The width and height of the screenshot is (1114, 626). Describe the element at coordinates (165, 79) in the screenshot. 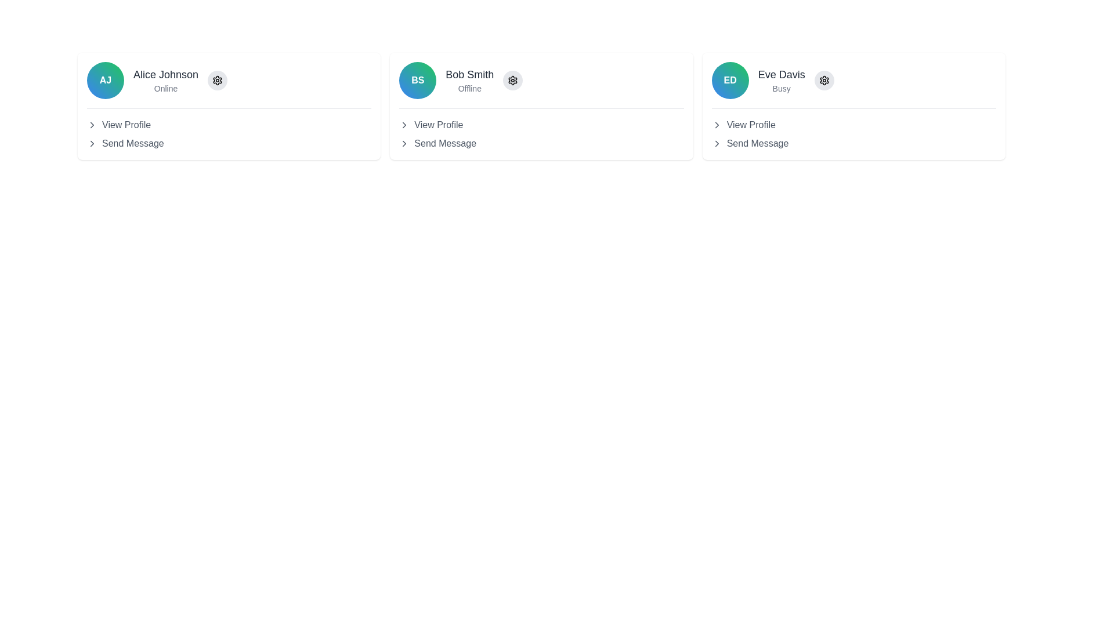

I see `the Text Display Component that shows the user's name and status, located to the right of the avatar labeled 'AJ' in the first profile card from the left` at that location.